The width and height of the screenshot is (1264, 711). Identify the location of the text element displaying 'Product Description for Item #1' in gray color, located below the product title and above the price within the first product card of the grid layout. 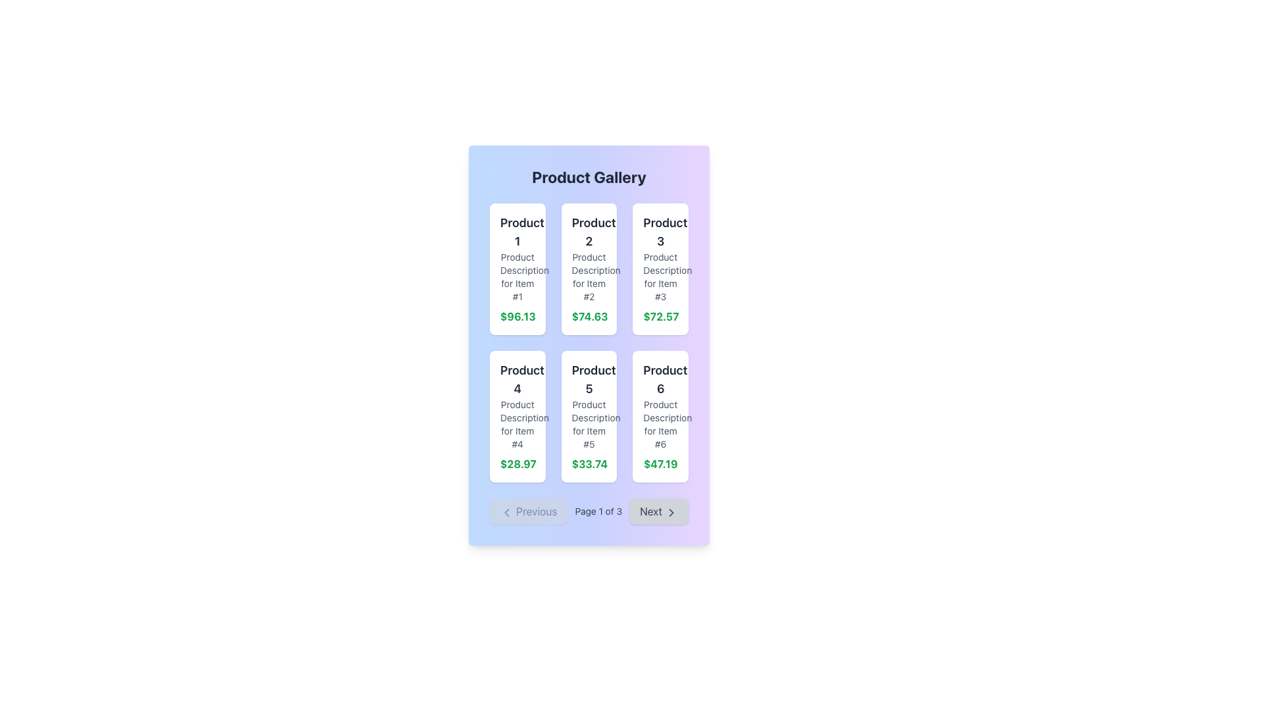
(517, 276).